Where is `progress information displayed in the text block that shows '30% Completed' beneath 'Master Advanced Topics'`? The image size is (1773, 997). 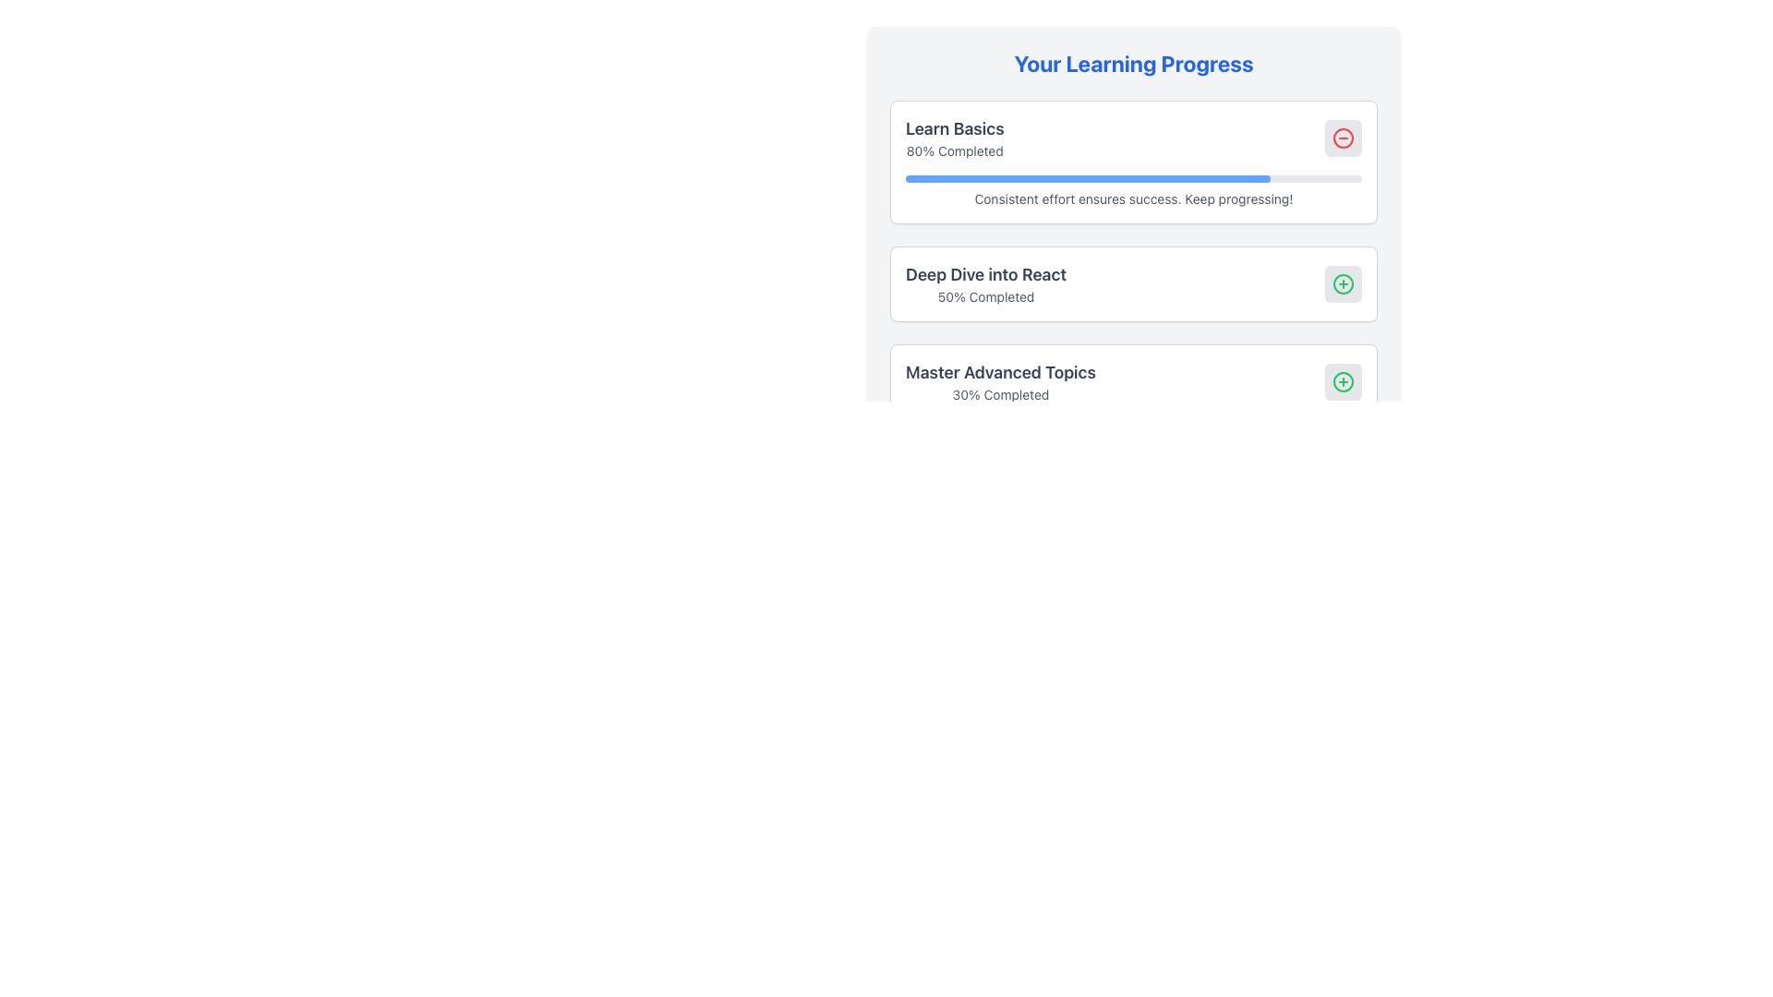
progress information displayed in the text block that shows '30% Completed' beneath 'Master Advanced Topics' is located at coordinates (1000, 380).